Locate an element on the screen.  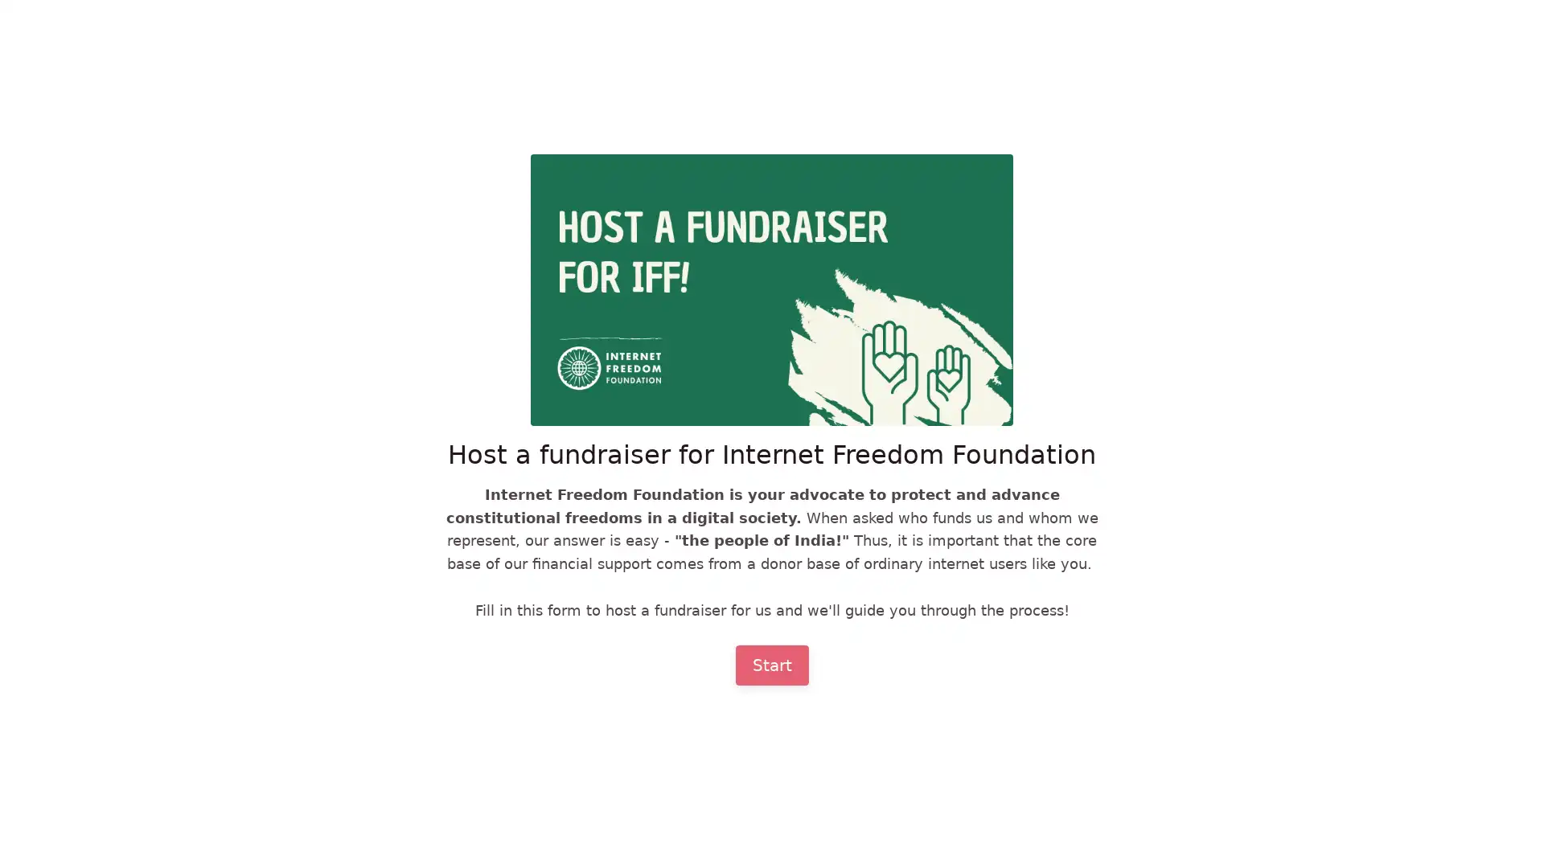
Start is located at coordinates (770, 664).